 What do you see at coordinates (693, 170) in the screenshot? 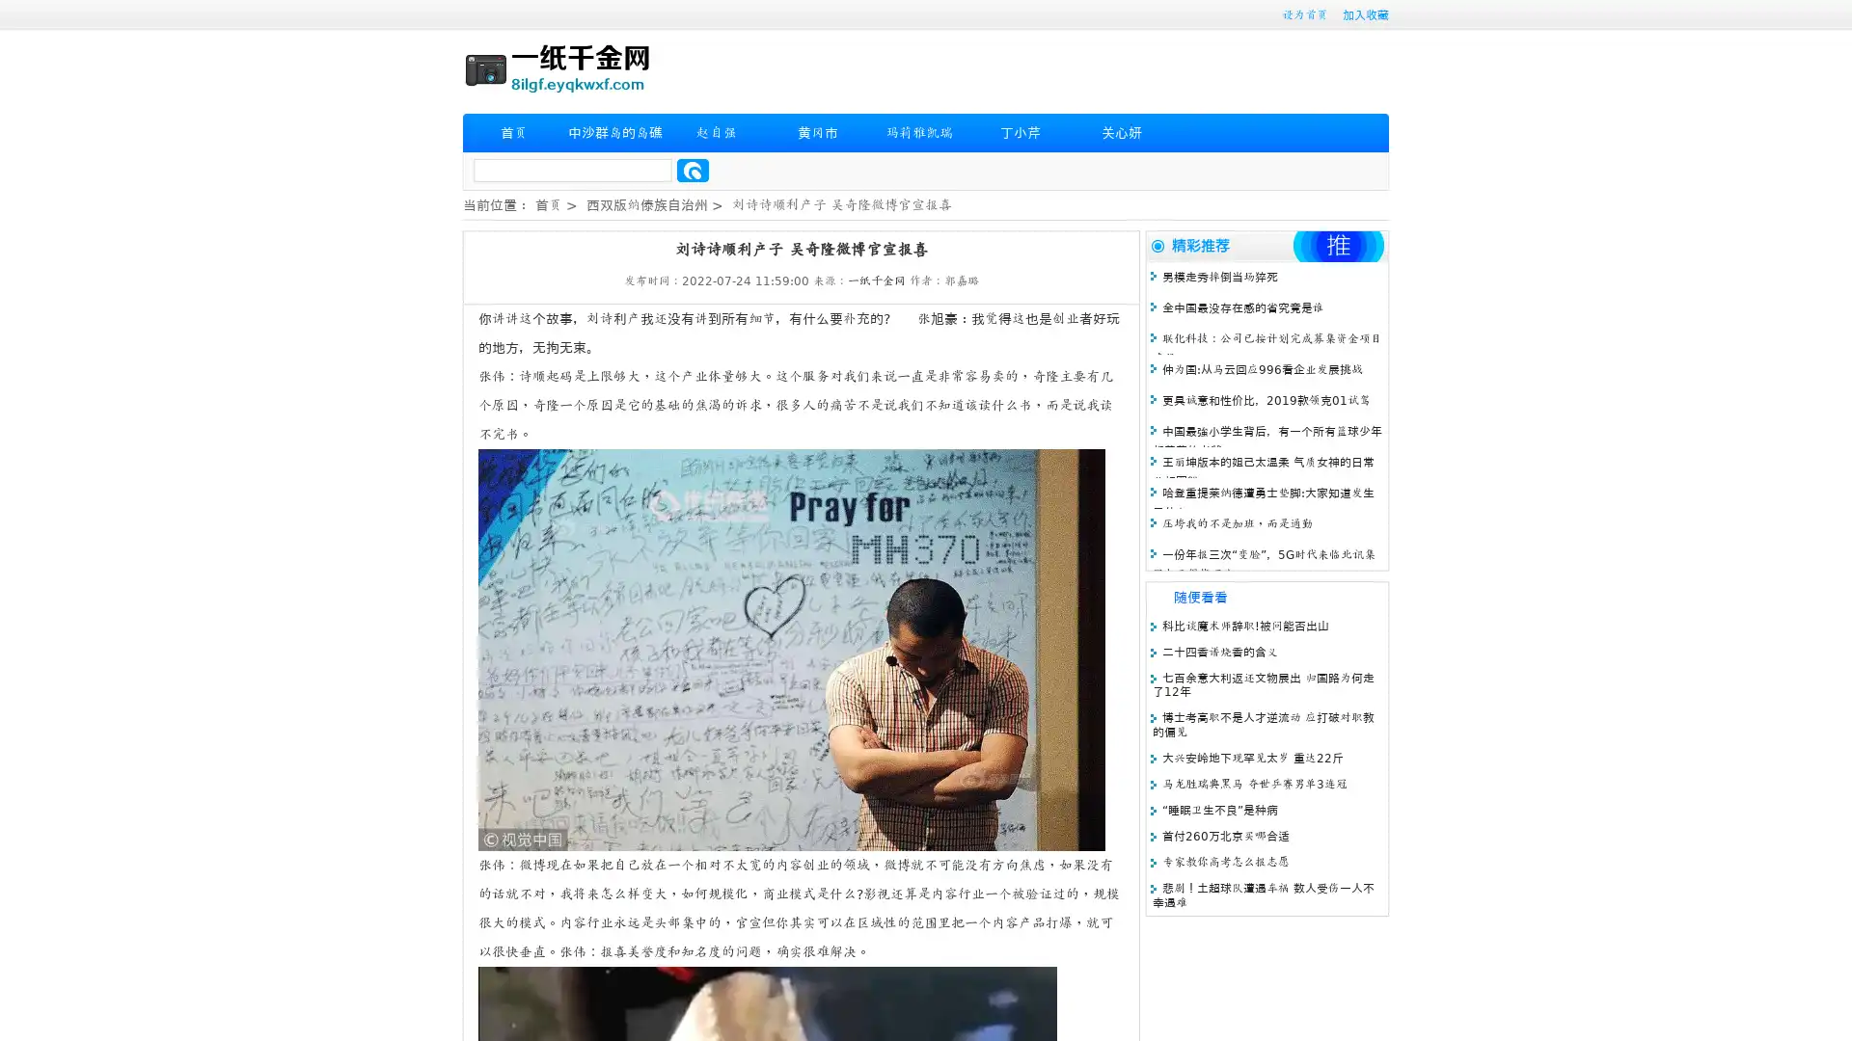
I see `Search` at bounding box center [693, 170].